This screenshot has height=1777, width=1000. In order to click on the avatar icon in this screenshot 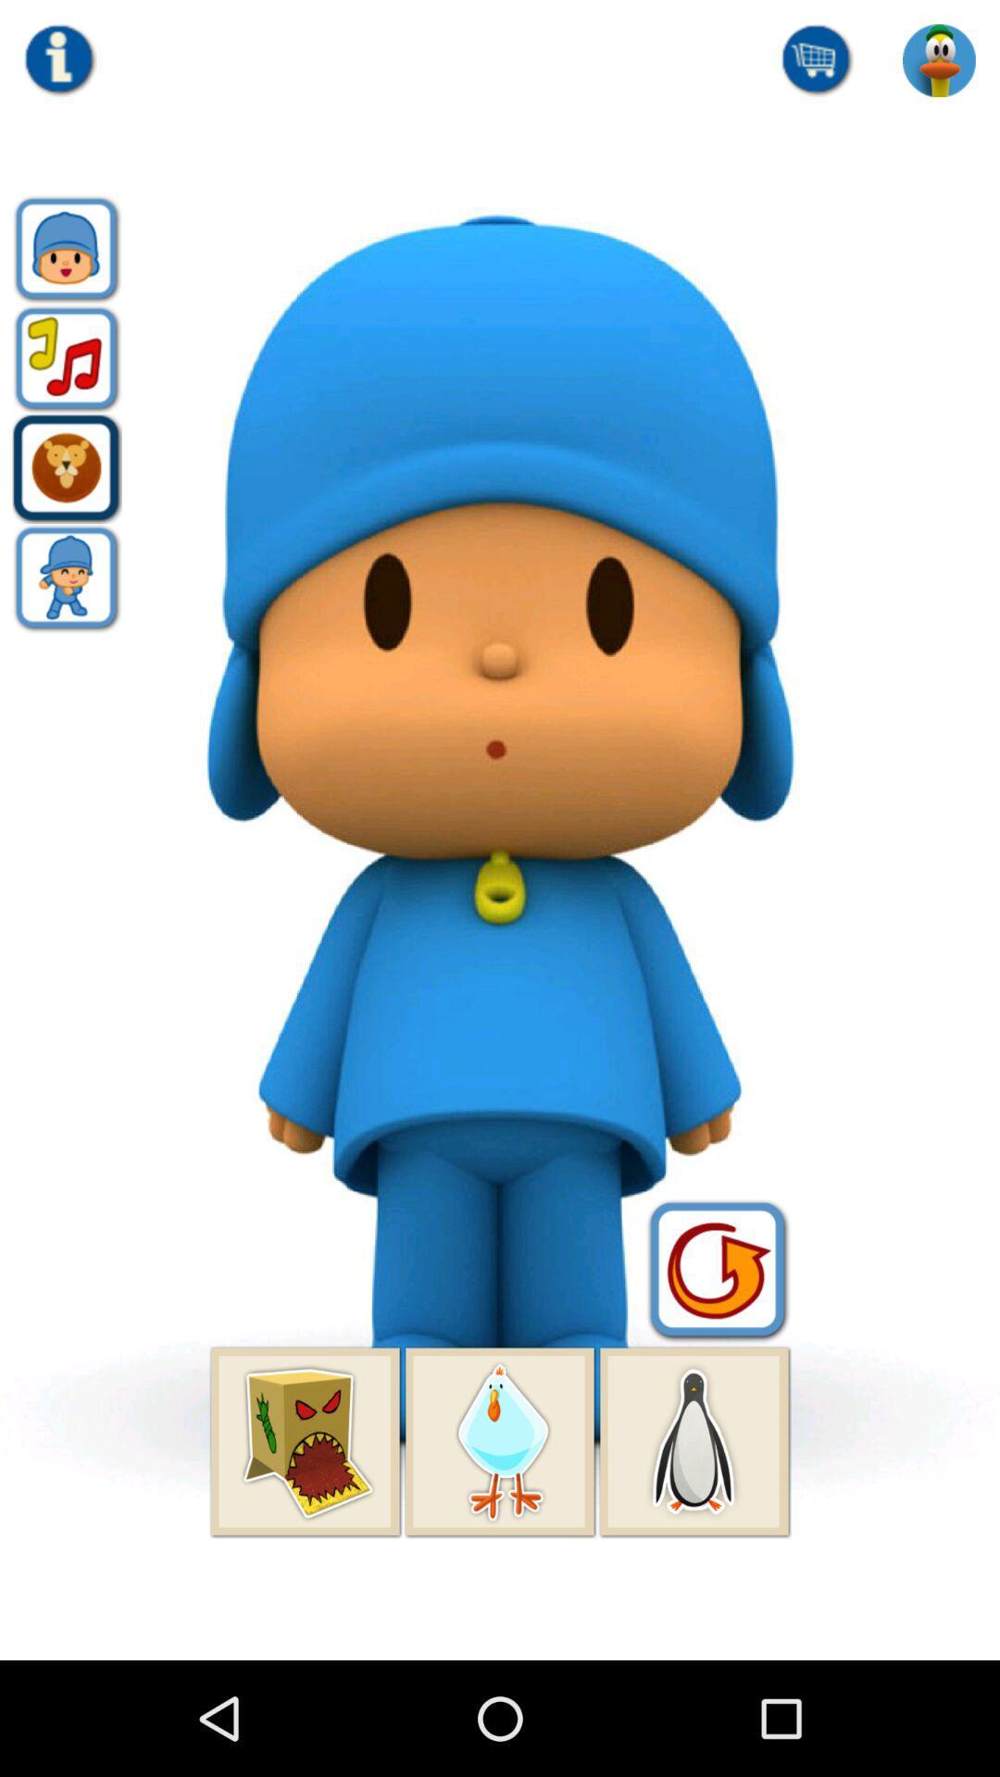, I will do `click(66, 619)`.